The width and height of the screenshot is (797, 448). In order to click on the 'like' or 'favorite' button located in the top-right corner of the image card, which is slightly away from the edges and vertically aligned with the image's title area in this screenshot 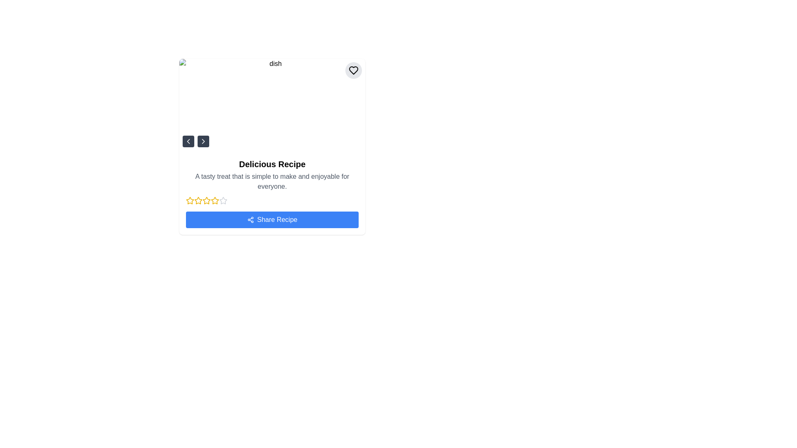, I will do `click(353, 70)`.